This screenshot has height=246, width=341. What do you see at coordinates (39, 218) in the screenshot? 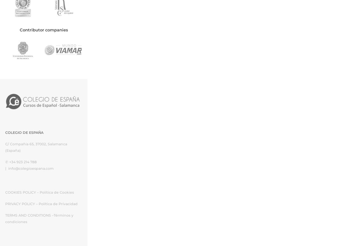
I see `'Términos y condiciones'` at bounding box center [39, 218].